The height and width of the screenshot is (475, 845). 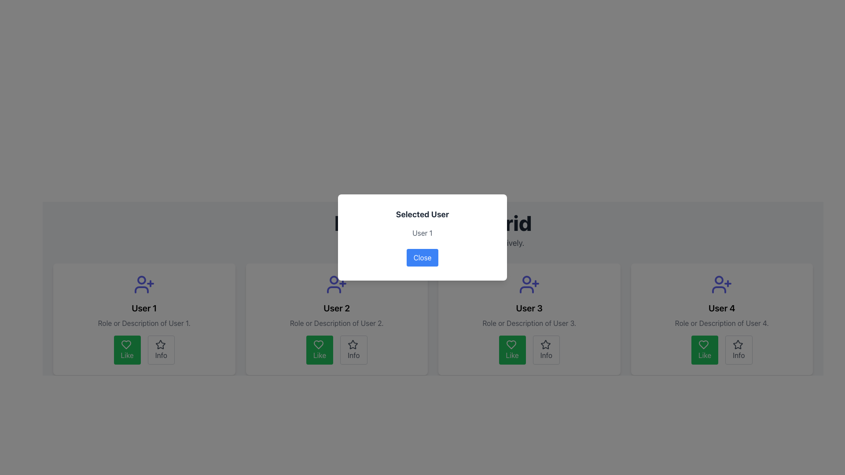 I want to click on the text label that reads 'Role or Description of User 4' located in the fourth user card, positioned below 'User 4' and above the 'Like' and 'Info' buttons, so click(x=722, y=323).